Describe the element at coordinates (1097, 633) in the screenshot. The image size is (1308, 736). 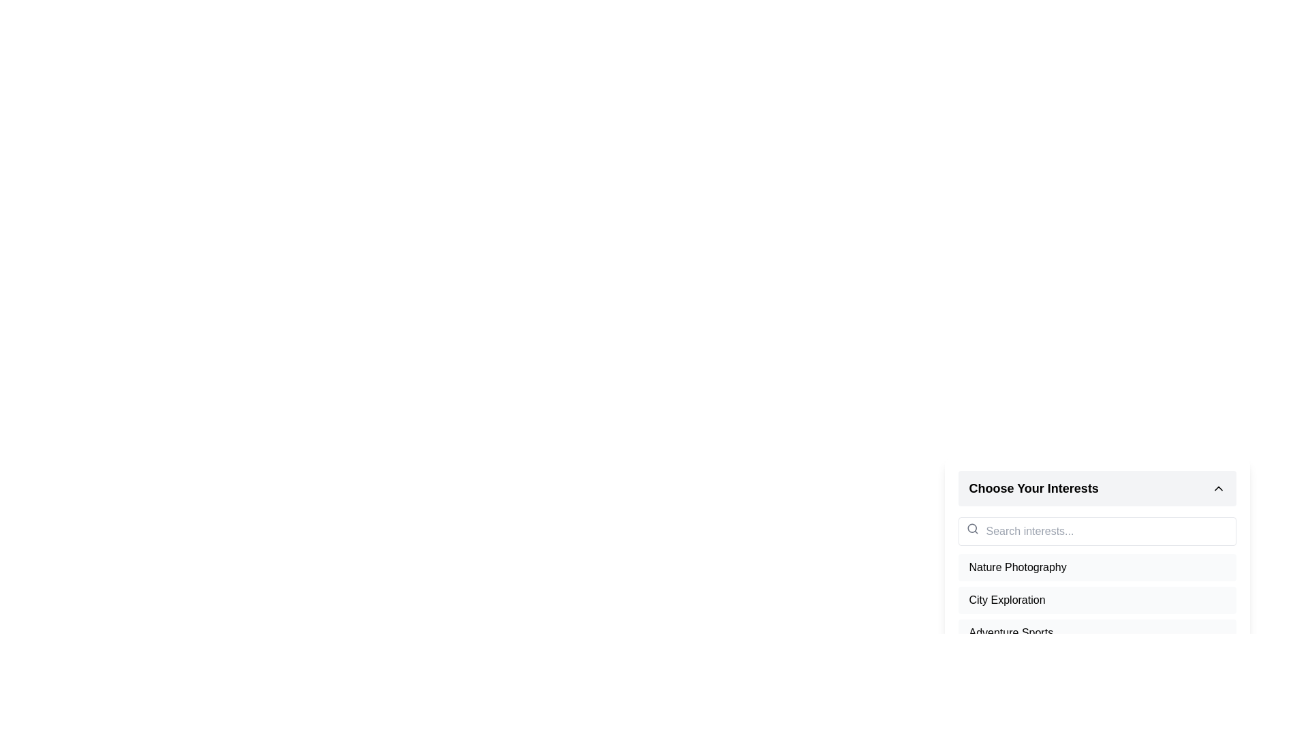
I see `third selectable list item labeled 'Adventure Sports' using development tools` at that location.